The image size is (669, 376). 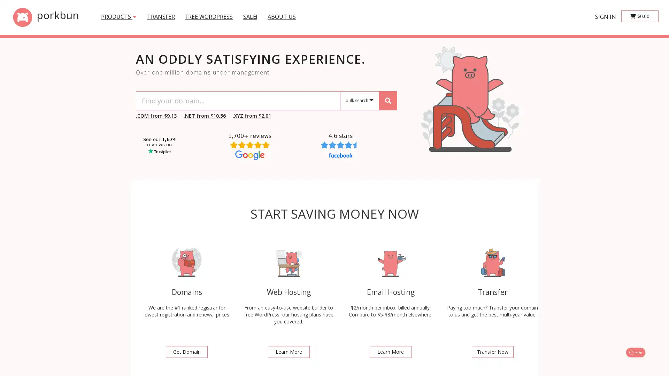 What do you see at coordinates (387, 100) in the screenshot?
I see `submit search` at bounding box center [387, 100].